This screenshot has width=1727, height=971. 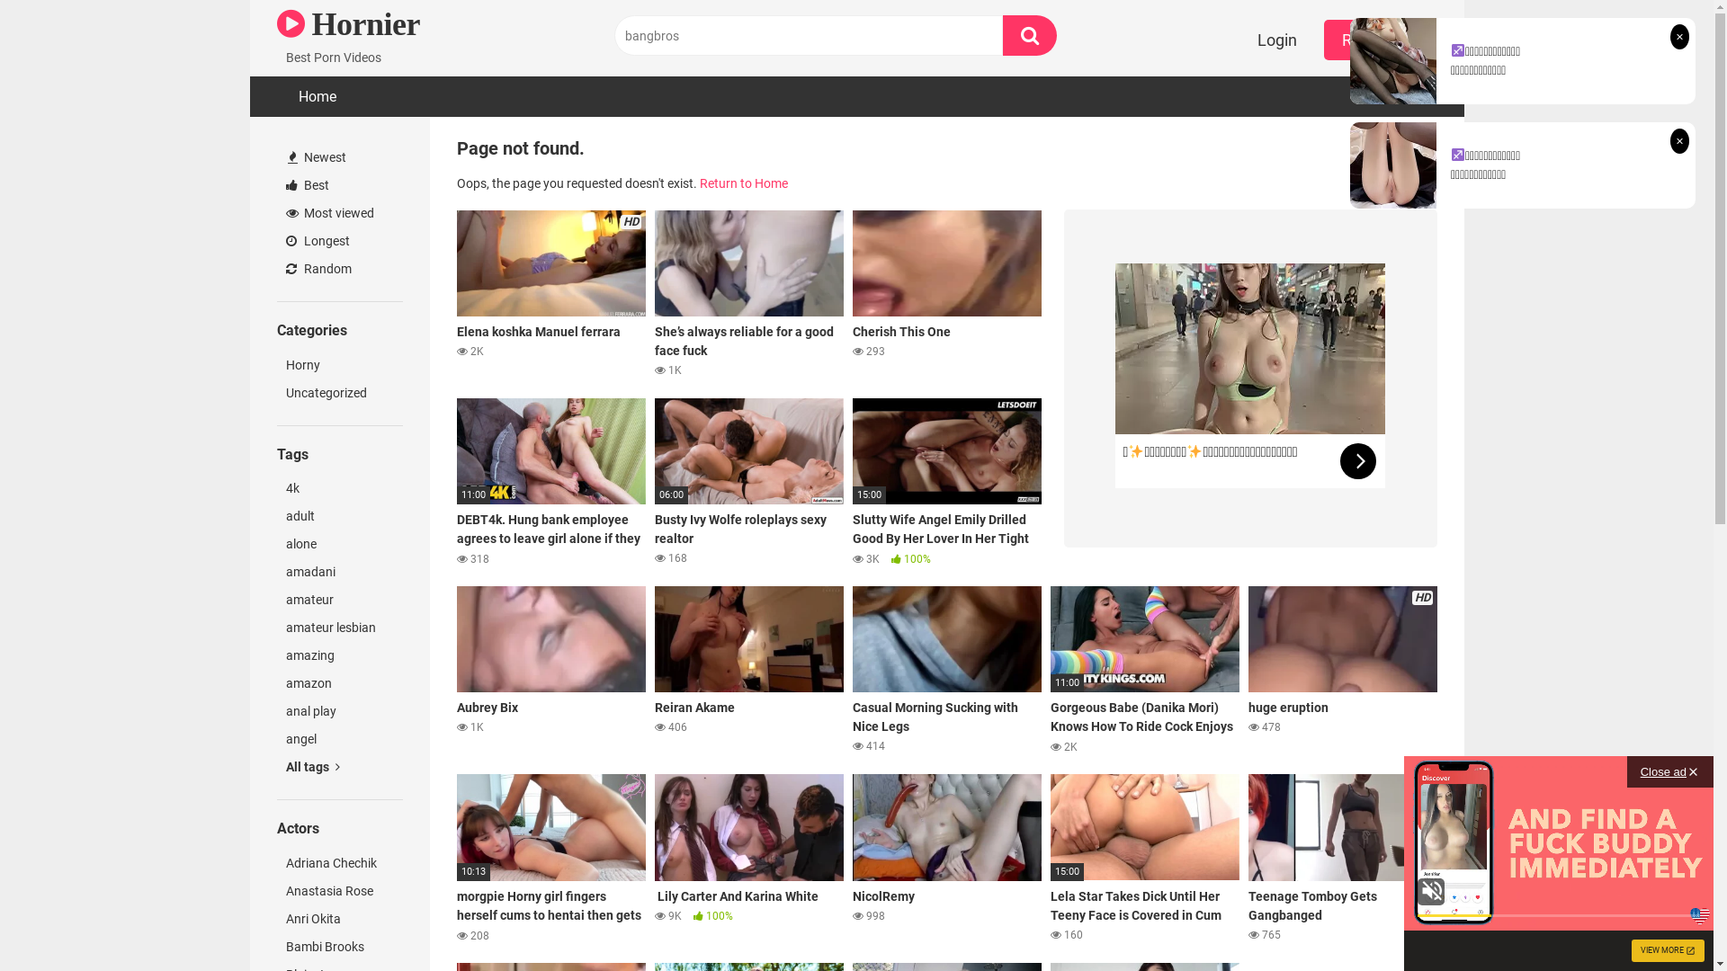 I want to click on 'angel', so click(x=340, y=739).